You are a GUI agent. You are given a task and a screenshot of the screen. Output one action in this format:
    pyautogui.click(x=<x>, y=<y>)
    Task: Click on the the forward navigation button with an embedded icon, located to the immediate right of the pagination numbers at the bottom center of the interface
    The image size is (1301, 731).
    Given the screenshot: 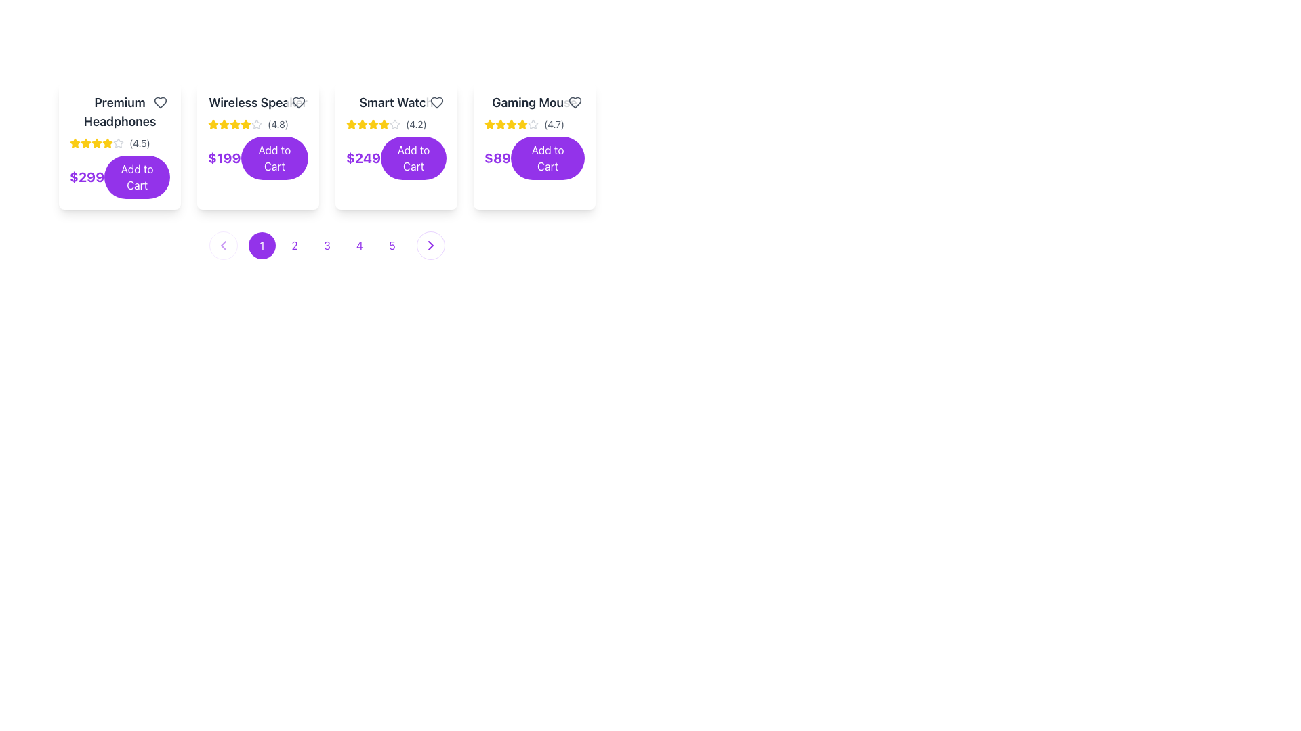 What is the action you would take?
    pyautogui.click(x=430, y=245)
    